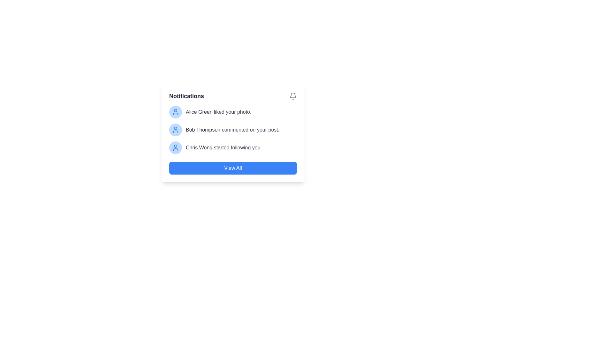 The width and height of the screenshot is (613, 344). What do you see at coordinates (232, 147) in the screenshot?
I see `the static notification entry that states 'Chris Wong started following you.' This entry is the third in the notification list, positioned below the notification about Bob Thompson` at bounding box center [232, 147].